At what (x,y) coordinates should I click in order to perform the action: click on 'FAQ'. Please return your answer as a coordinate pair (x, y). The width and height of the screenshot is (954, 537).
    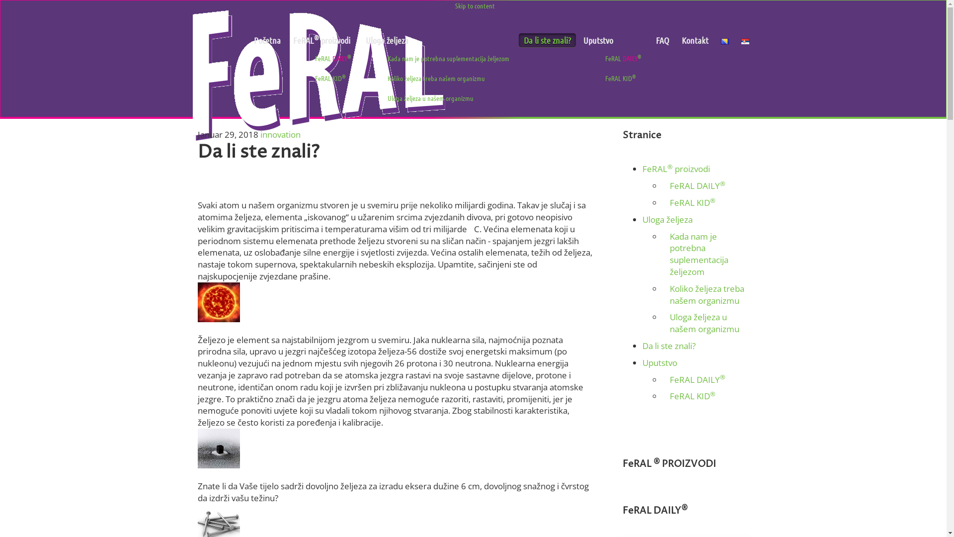
    Looking at the image, I should click on (662, 40).